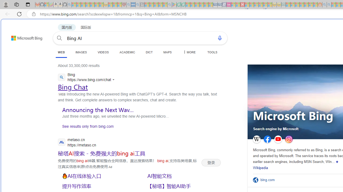 This screenshot has height=192, width=343. Describe the element at coordinates (73, 87) in the screenshot. I see `'Bing Chat'` at that location.